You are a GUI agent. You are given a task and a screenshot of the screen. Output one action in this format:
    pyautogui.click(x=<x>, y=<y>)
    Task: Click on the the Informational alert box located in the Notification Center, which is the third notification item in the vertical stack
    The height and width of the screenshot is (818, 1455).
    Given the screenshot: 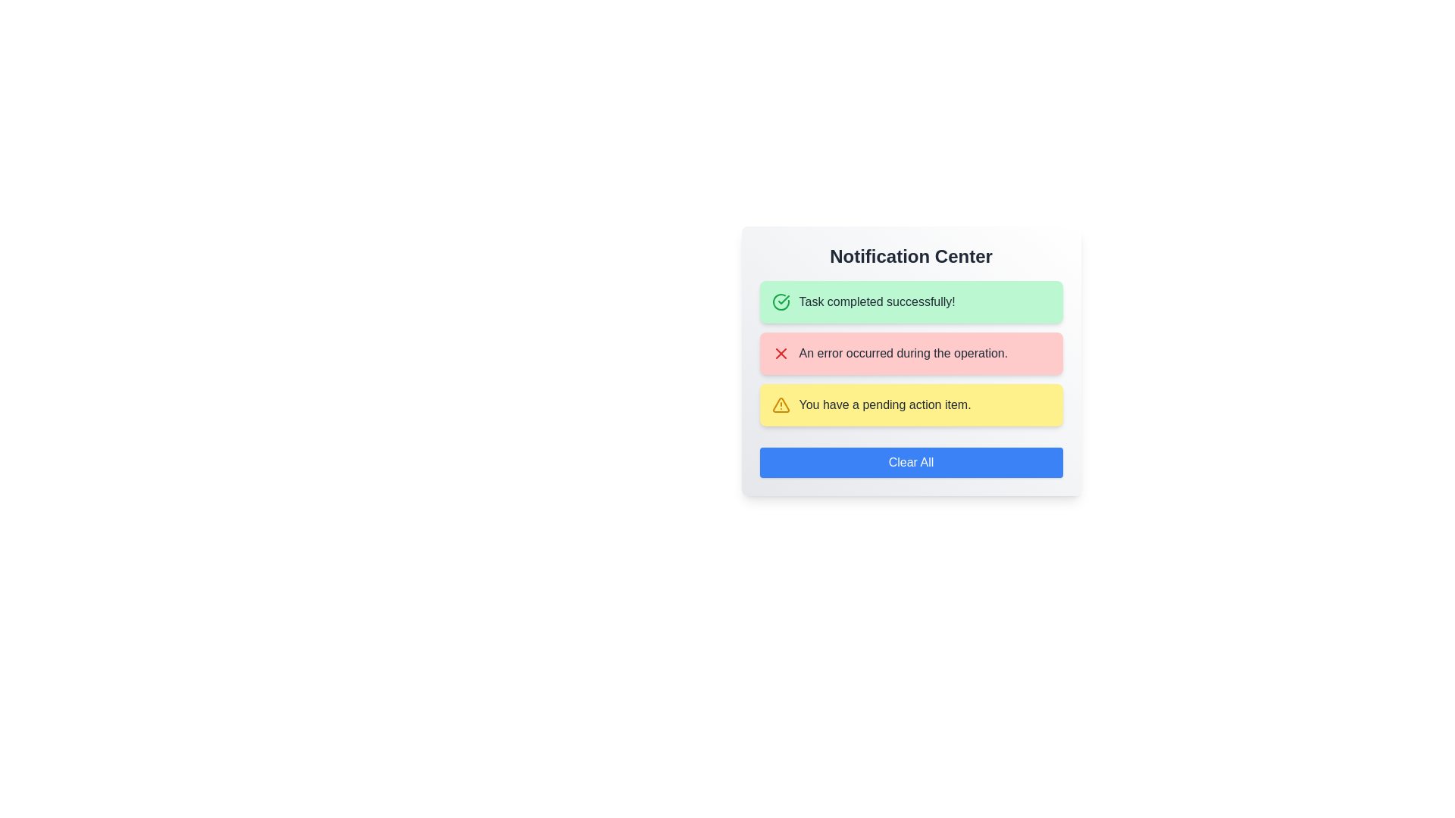 What is the action you would take?
    pyautogui.click(x=910, y=404)
    